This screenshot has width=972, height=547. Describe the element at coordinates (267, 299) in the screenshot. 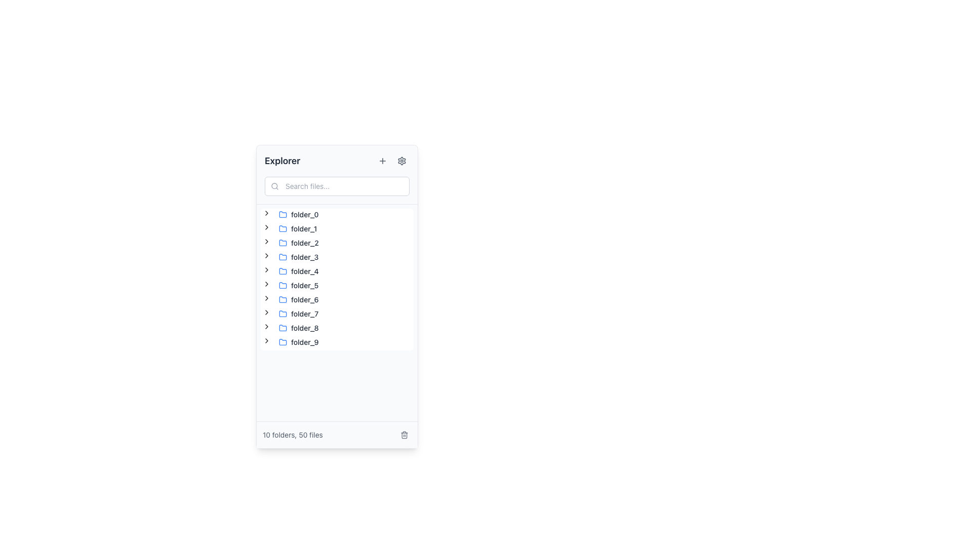

I see `the toggle button styled as a triangular arrow icon` at that location.